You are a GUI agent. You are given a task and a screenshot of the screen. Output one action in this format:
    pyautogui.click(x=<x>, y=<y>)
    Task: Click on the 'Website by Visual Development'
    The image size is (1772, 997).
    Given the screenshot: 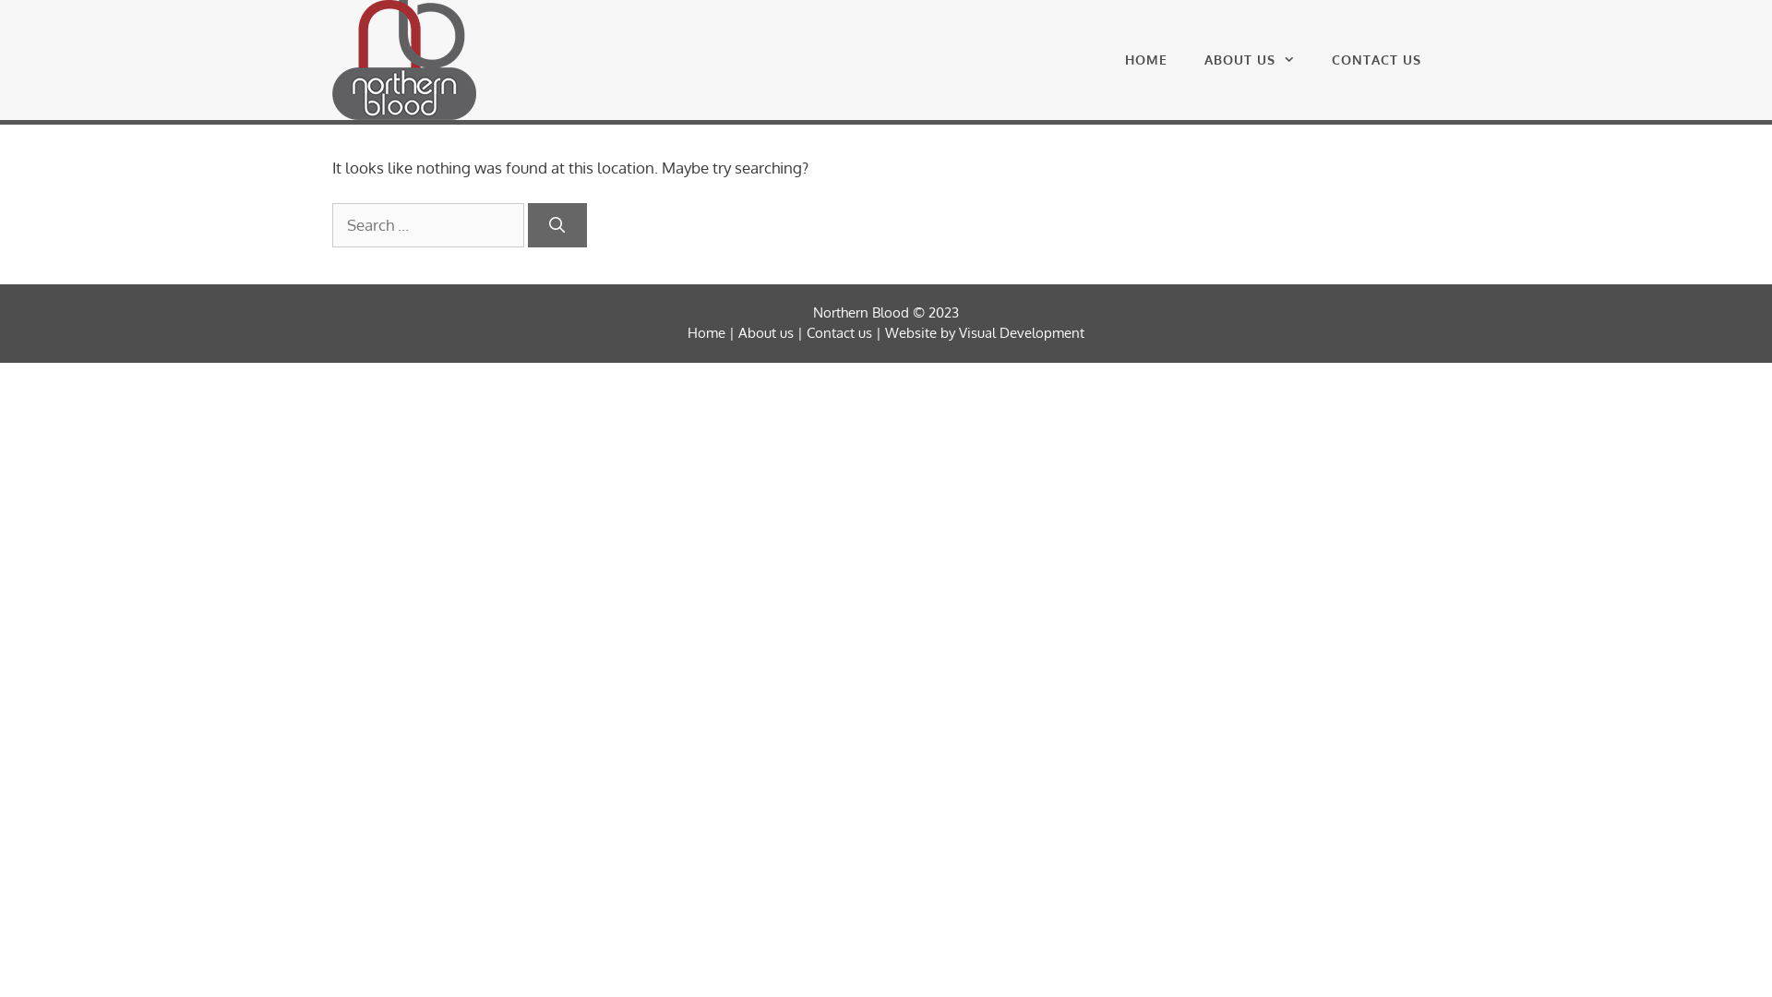 What is the action you would take?
    pyautogui.click(x=983, y=332)
    